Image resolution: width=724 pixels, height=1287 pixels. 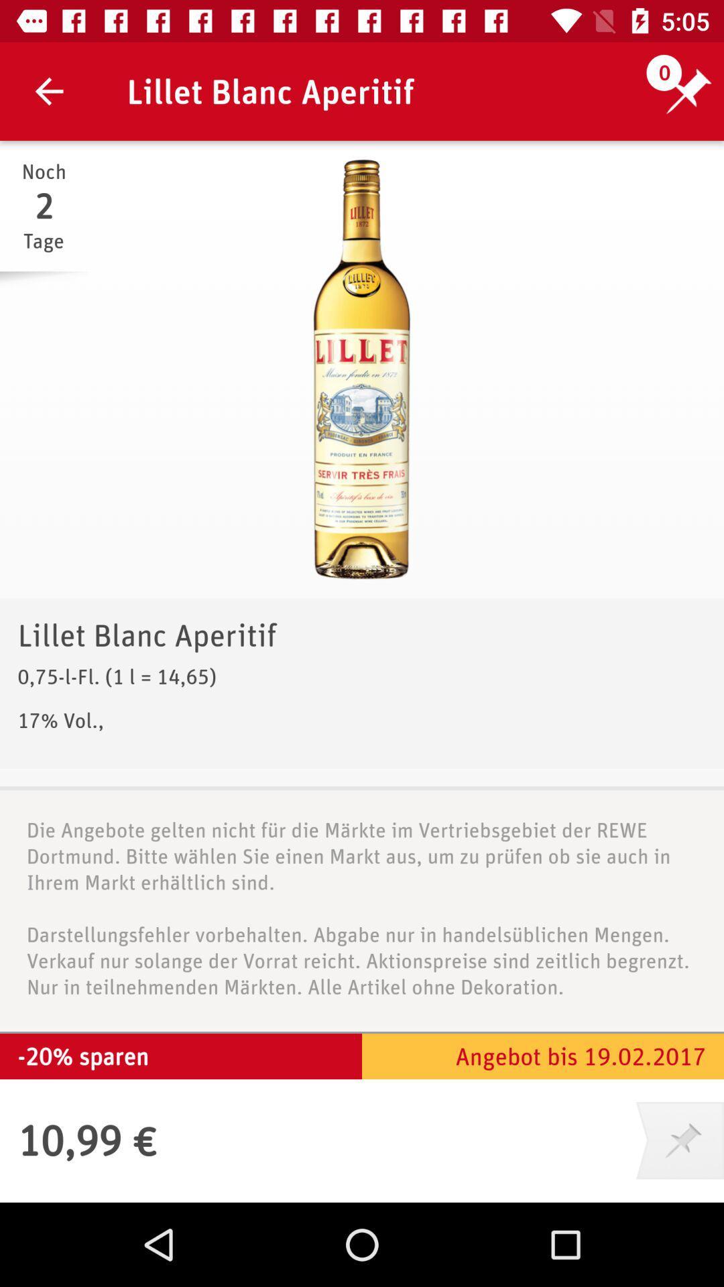 I want to click on item below lillet blanc aperitif icon, so click(x=362, y=369).